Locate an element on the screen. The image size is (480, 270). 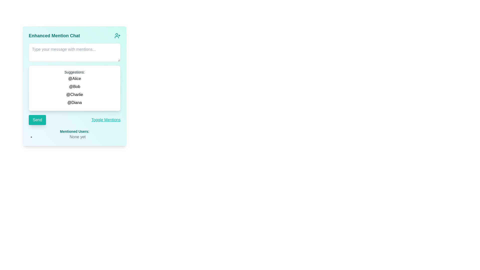
the text indicating that no users have been mentioned in the context of the chat, which is part of the 'Mentioned Users:' section at the bottom of the chat interface is located at coordinates (77, 137).